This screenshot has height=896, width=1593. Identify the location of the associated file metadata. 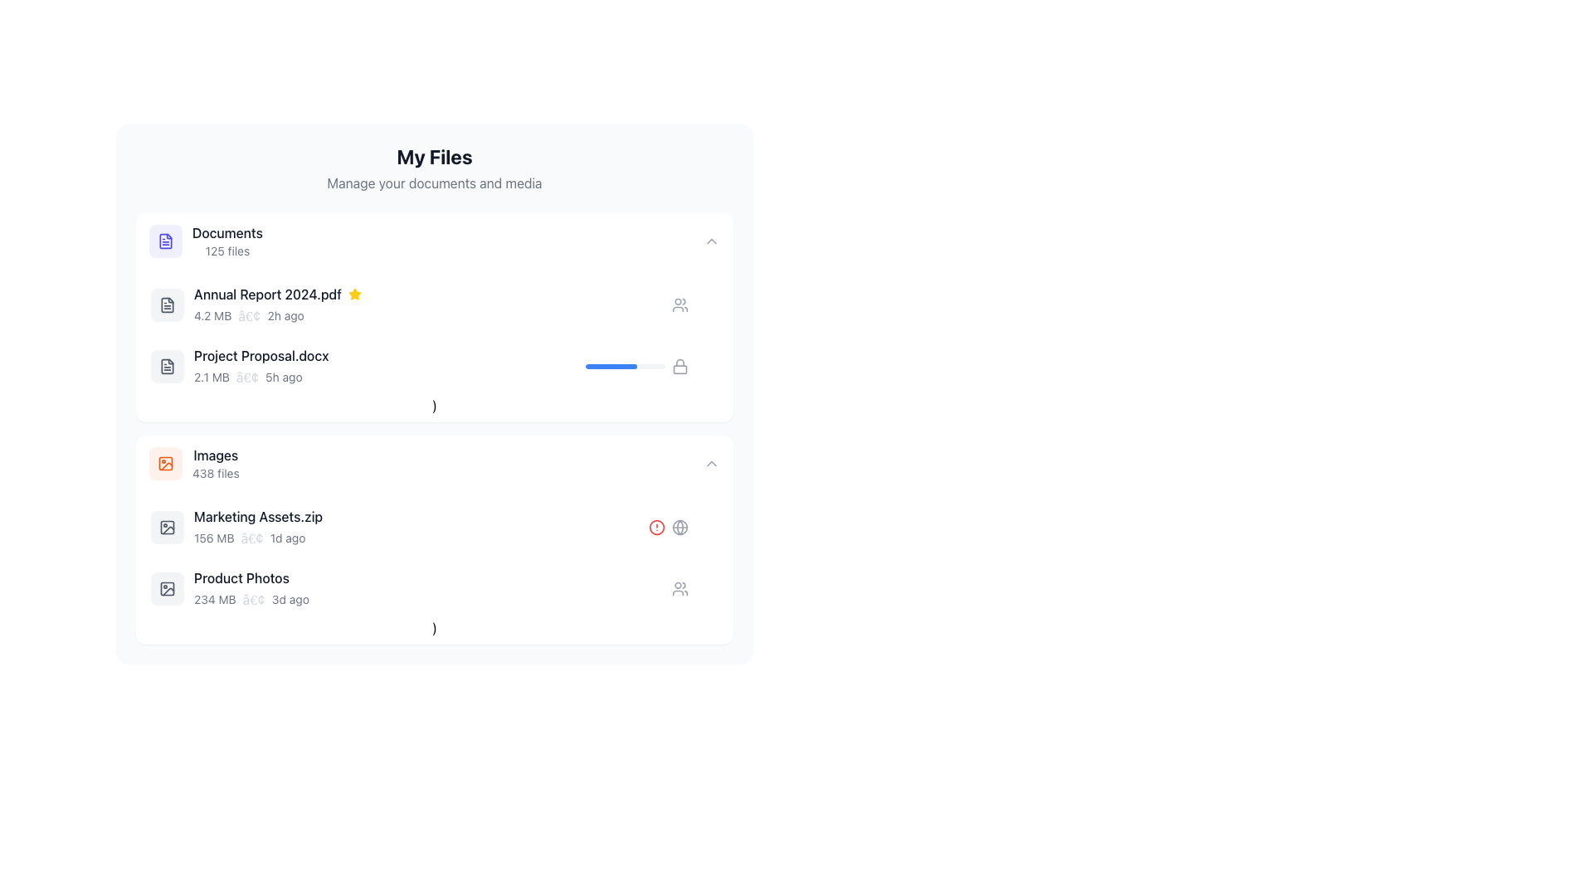
(433, 316).